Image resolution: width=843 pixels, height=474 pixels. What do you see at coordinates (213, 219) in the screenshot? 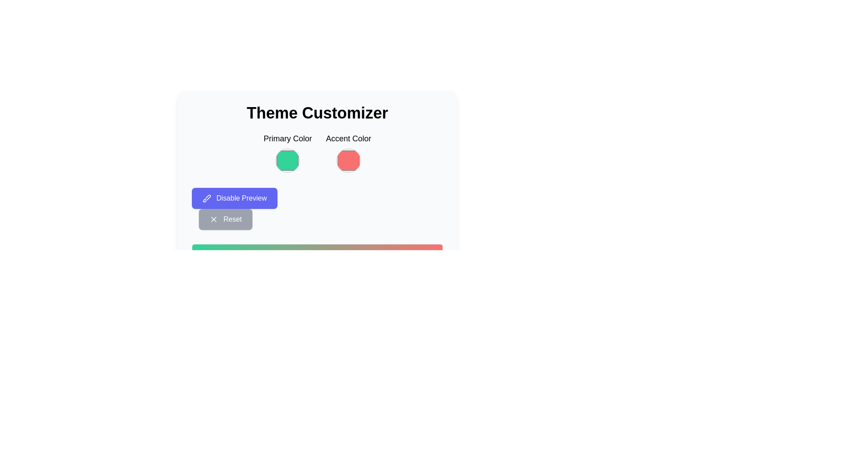
I see `the reset or cancel icon located on the left side of the 'Reset' text within a gray button, below the 'Disable Preview' blue button` at bounding box center [213, 219].